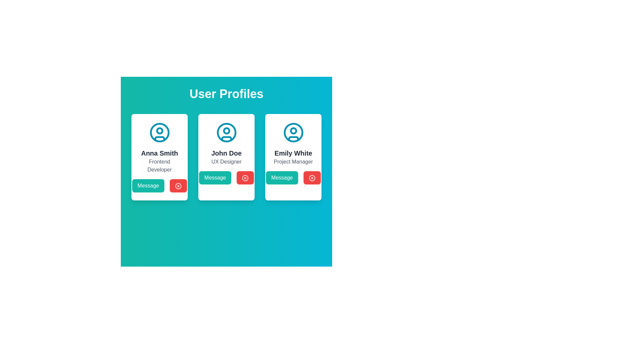  I want to click on text label indicating the role or title of the individual named 'Anna Smith', located beneath the 'Anna Smith' text in the first profile card, so click(159, 165).